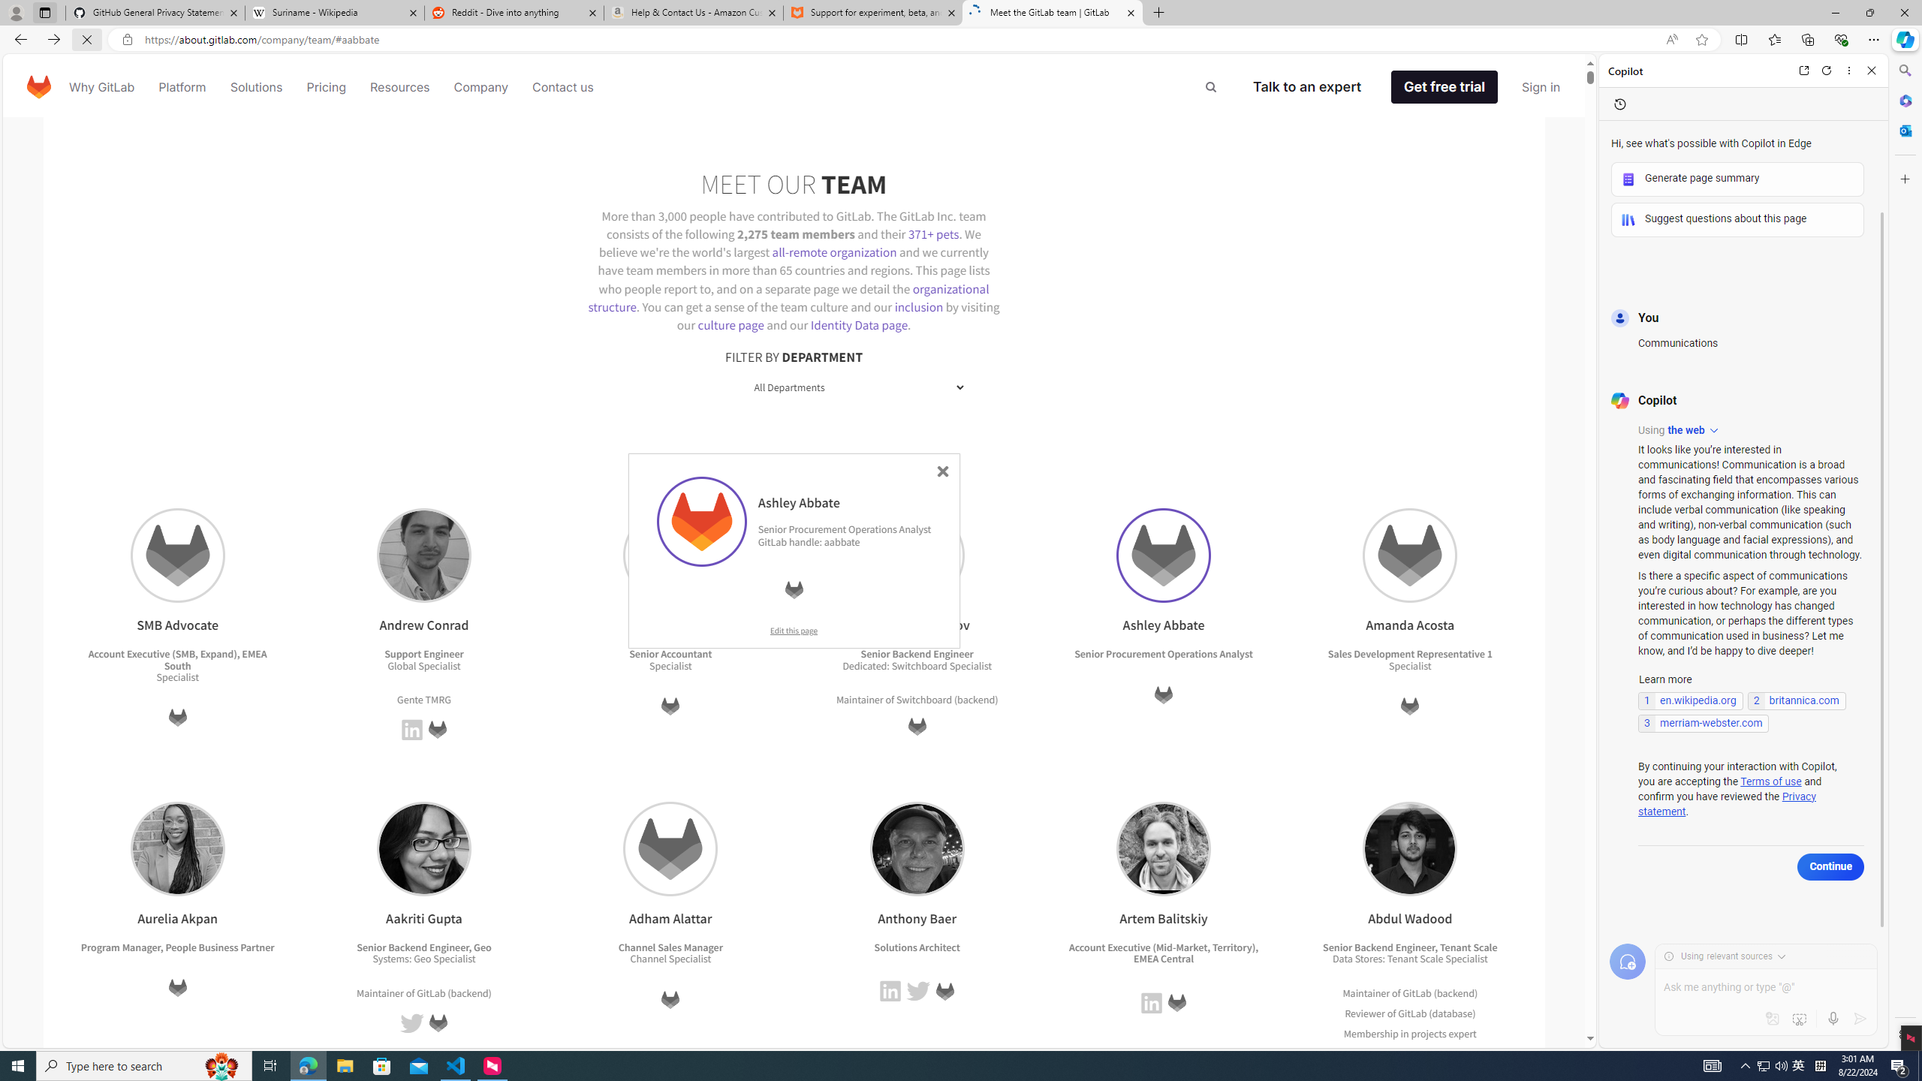 The height and width of the screenshot is (1081, 1922). Describe the element at coordinates (101, 86) in the screenshot. I see `'Why GitLab'` at that location.